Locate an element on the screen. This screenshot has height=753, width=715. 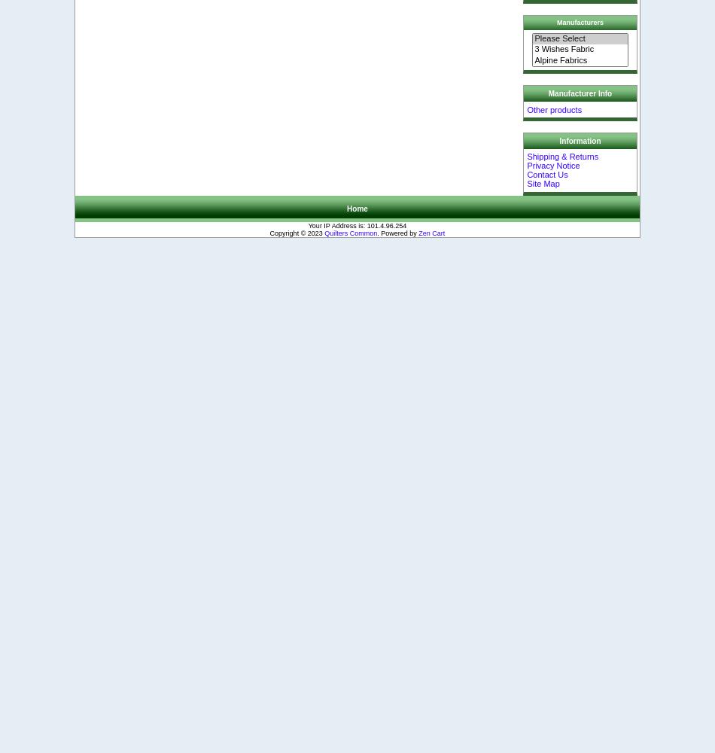
'Your IP Address is:   101.4.96.254' is located at coordinates (356, 225).